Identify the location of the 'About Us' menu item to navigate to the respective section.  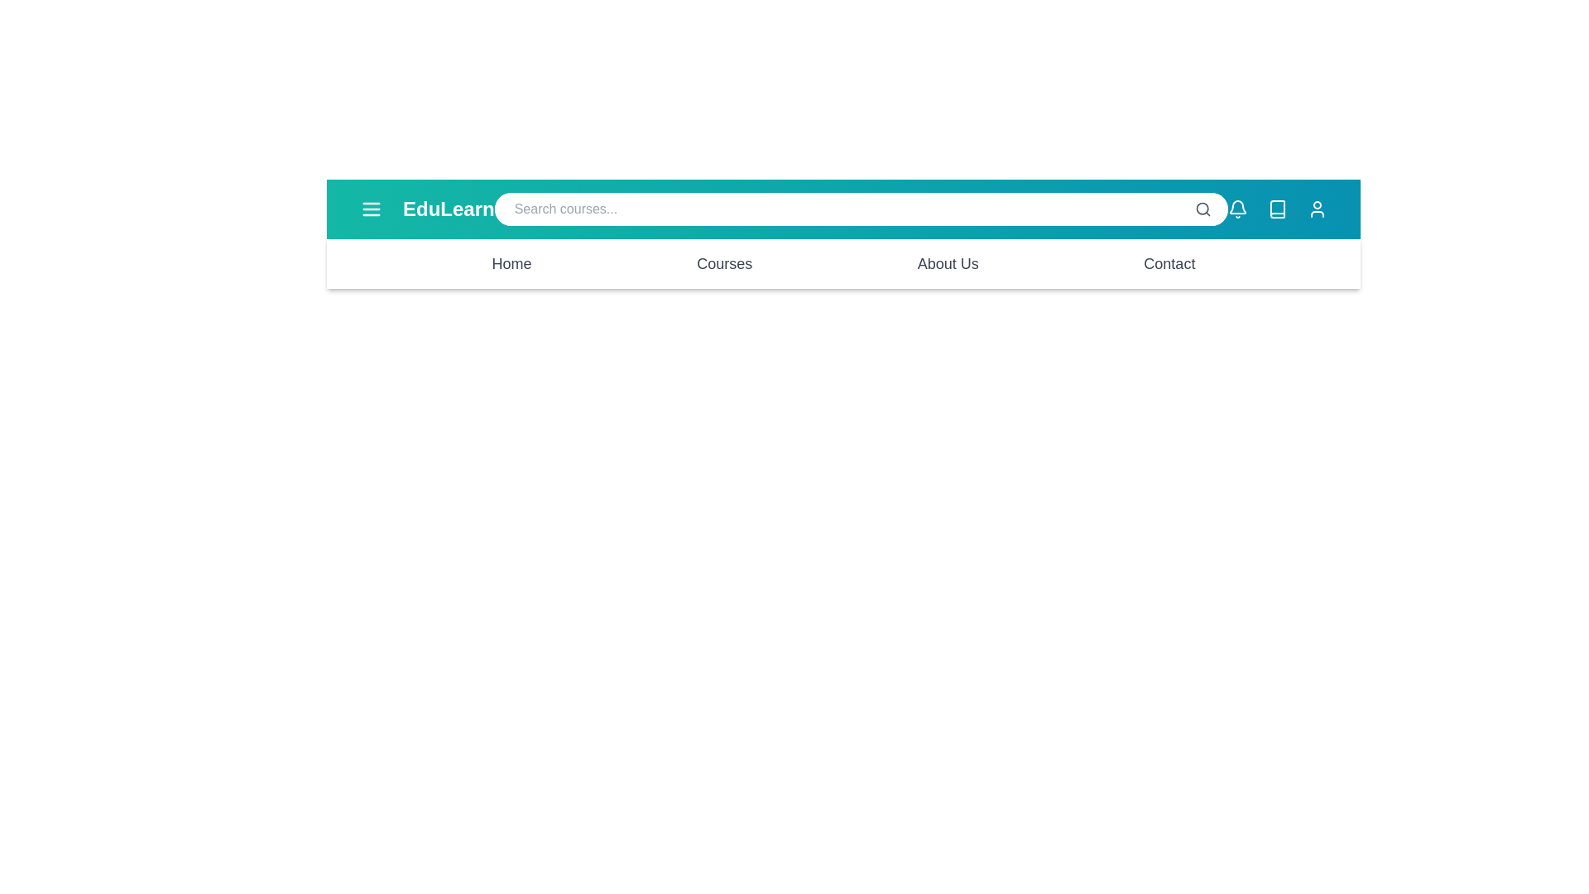
(948, 263).